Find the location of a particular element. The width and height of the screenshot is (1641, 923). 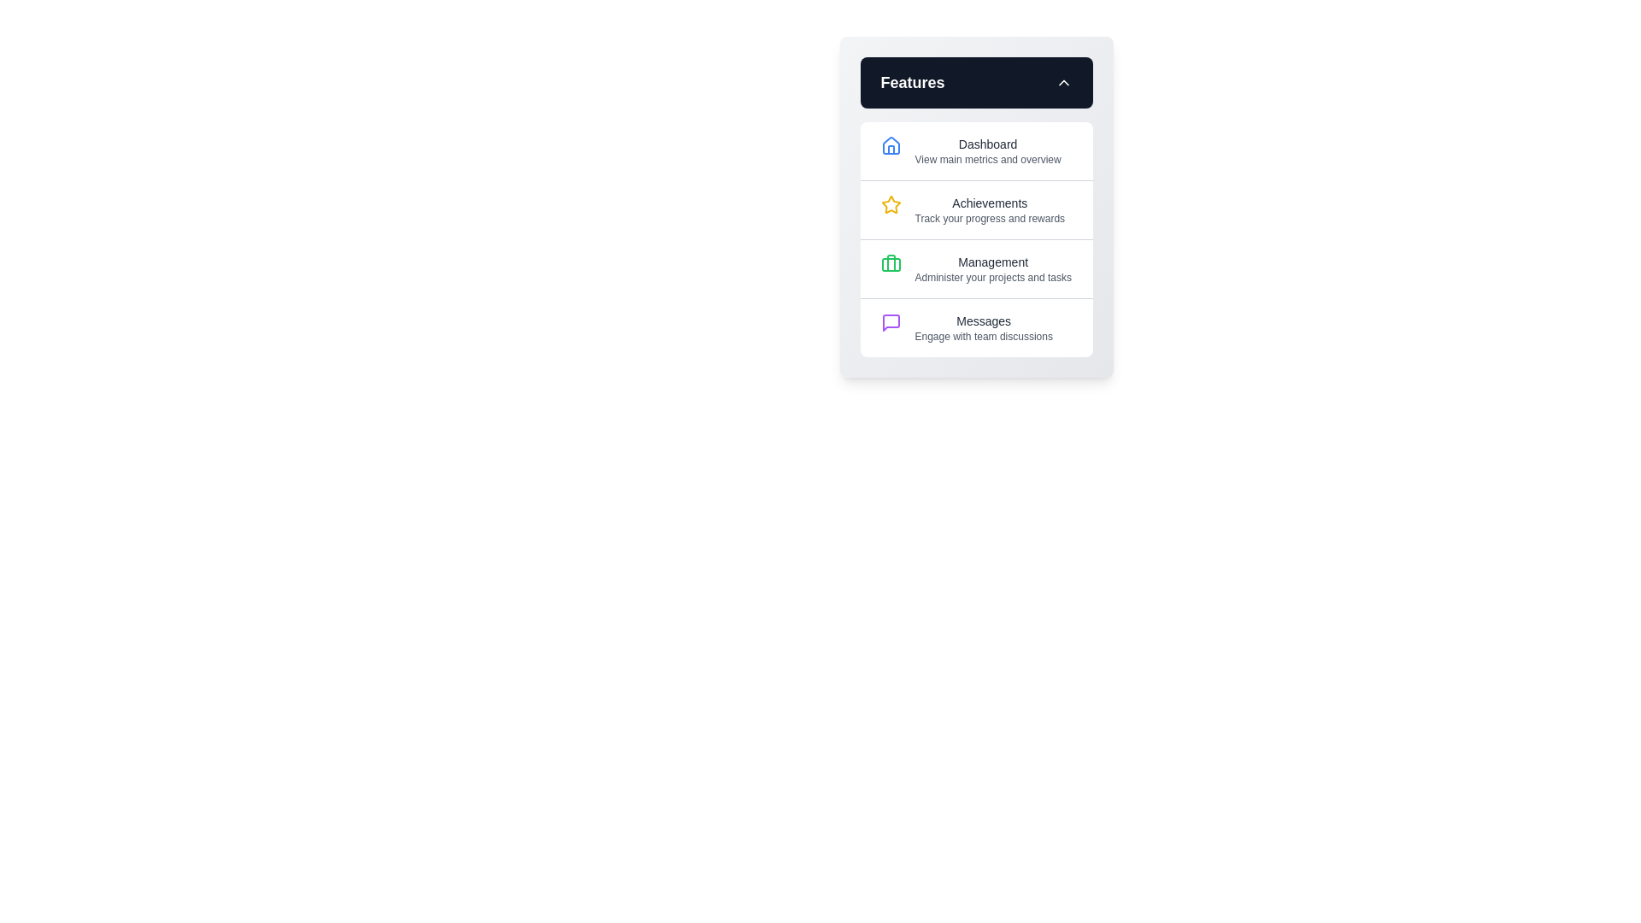

the blue house-shaped icon located to the left of the 'Dashboard' text in the 'Features' menu to trigger potential hover effects is located at coordinates (890, 144).